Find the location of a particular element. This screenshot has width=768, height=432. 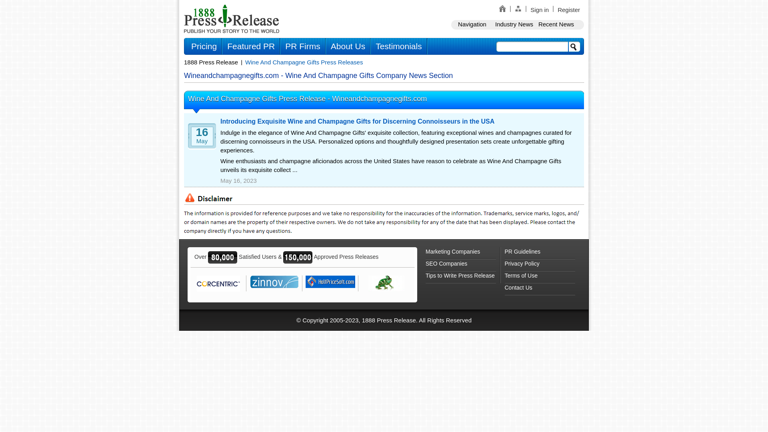

'Sign in' is located at coordinates (539, 10).